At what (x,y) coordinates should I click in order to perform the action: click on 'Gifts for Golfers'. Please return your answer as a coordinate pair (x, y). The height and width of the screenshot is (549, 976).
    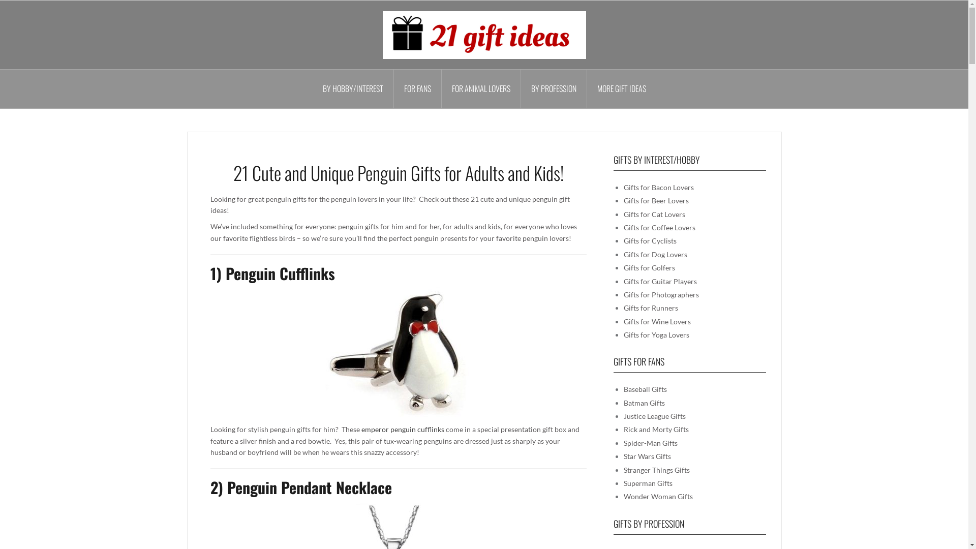
    Looking at the image, I should click on (648, 267).